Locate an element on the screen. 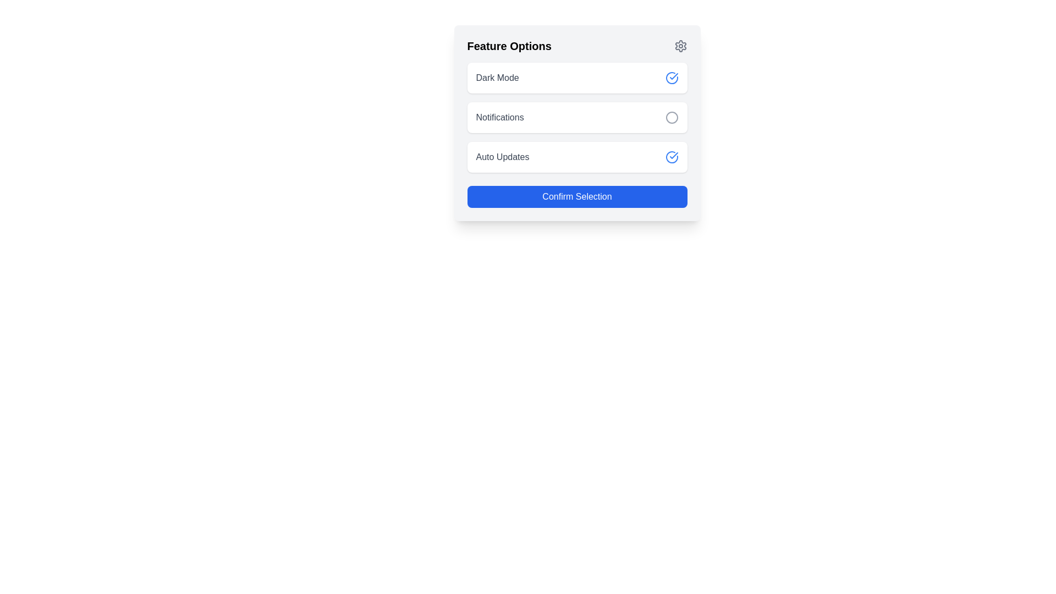 The height and width of the screenshot is (594, 1056). the label for the selectable feature option located in the first option row under the 'Feature Options' header, positioned to the left of the icon indicating its state is located at coordinates (497, 78).